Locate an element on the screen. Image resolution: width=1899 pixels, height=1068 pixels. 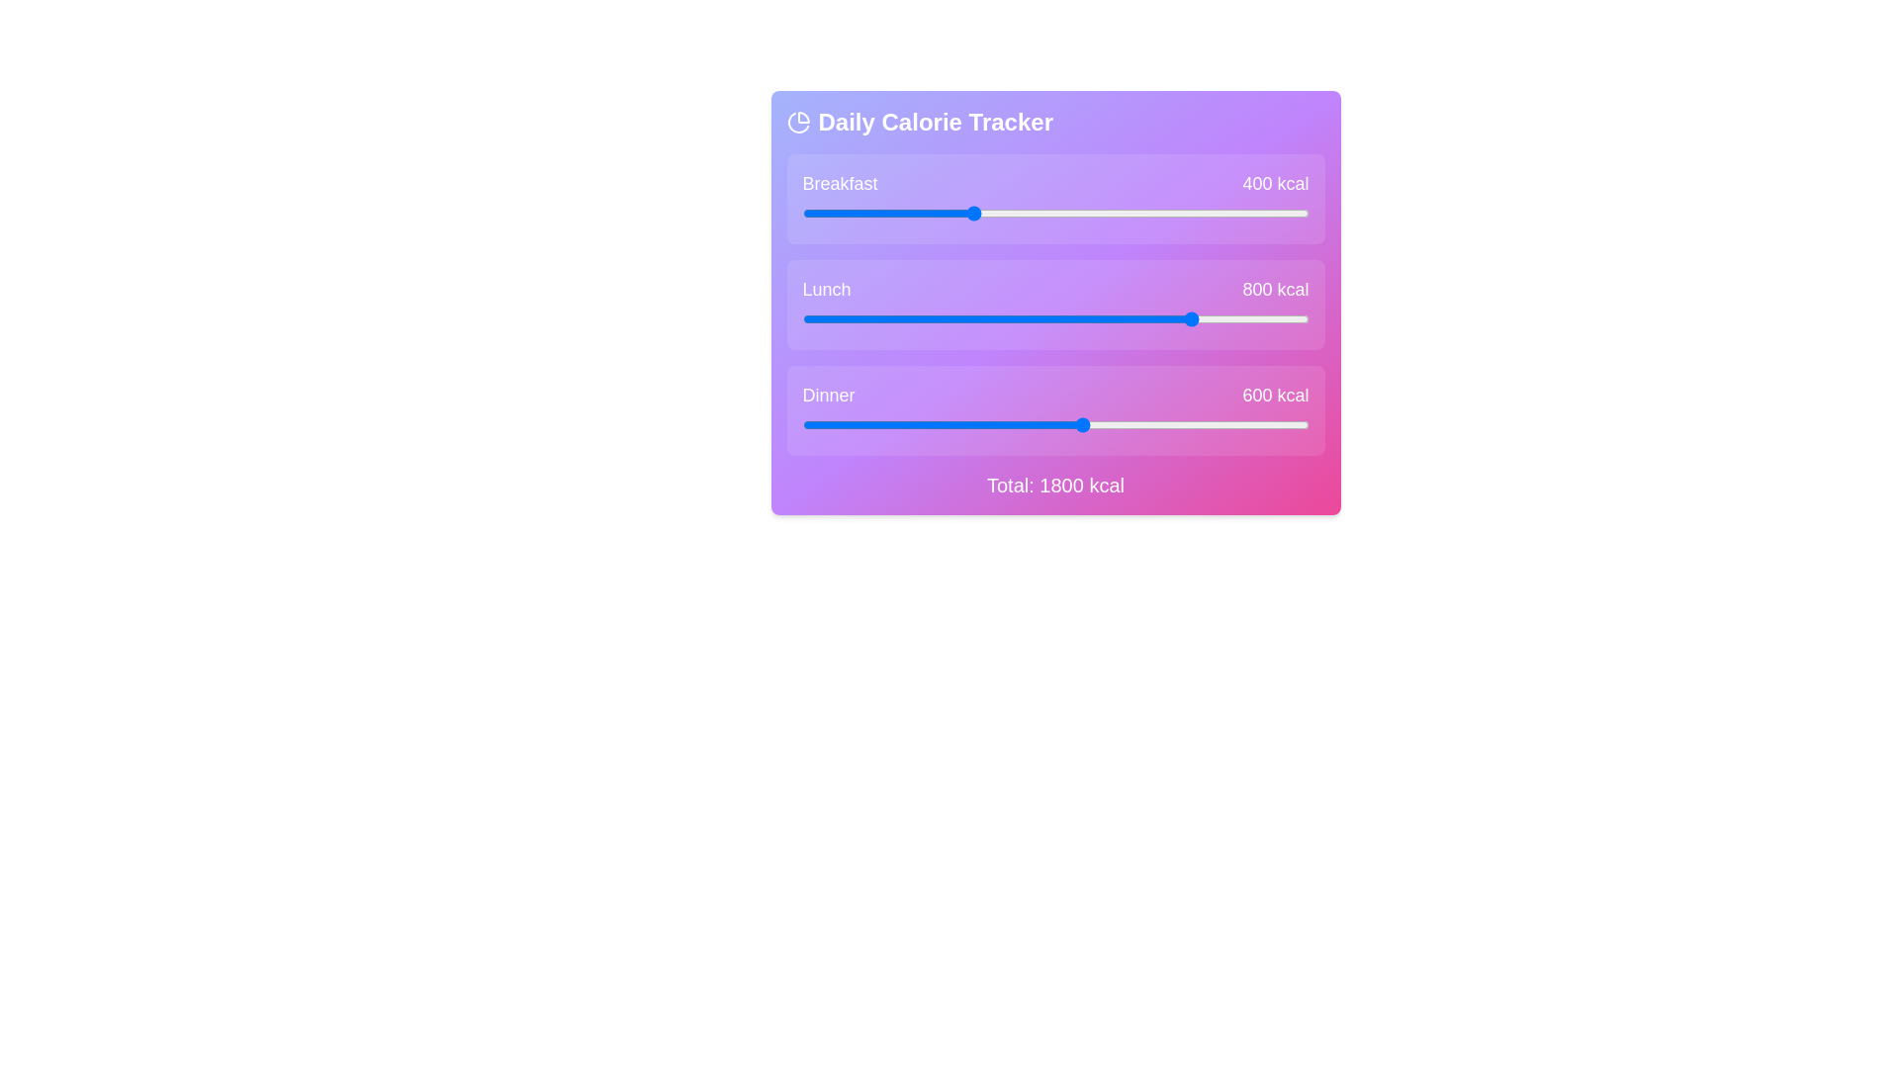
the labeled data display component that shows 'Dinner' with '600 kcal' in the Daily Calorie Tracker panel is located at coordinates (1054, 396).